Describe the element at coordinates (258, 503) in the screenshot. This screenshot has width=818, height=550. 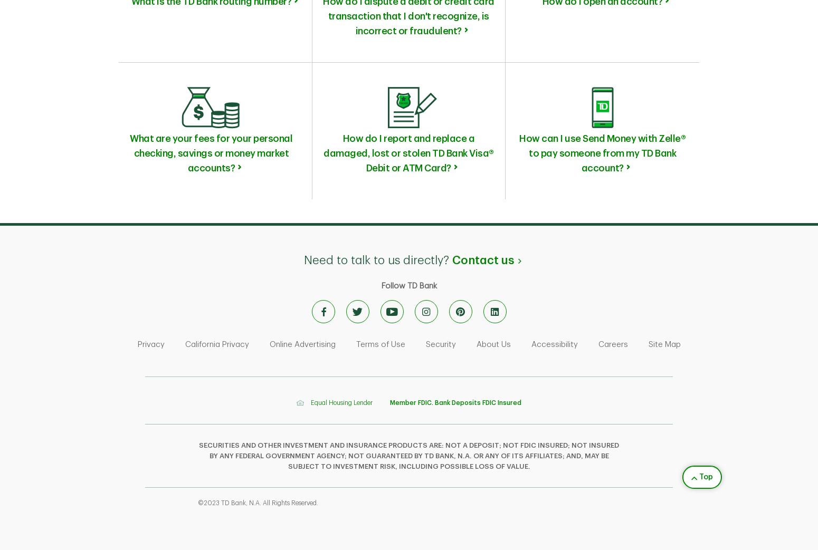
I see `'©2023 TD Bank, N.A. All Rights Reserved.'` at that location.